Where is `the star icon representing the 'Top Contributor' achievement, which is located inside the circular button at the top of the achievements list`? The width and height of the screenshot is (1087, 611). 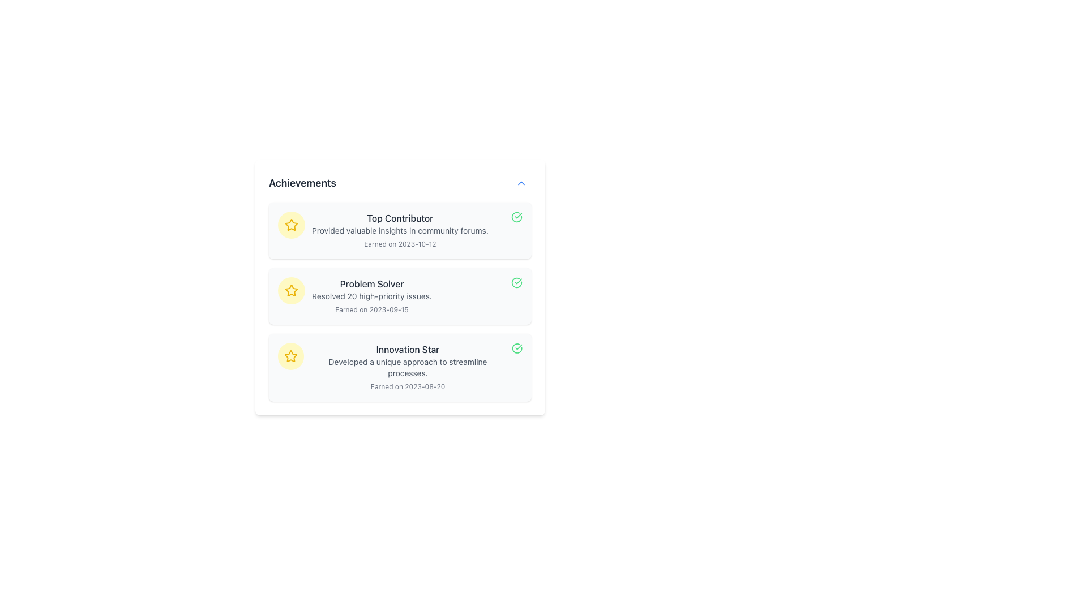 the star icon representing the 'Top Contributor' achievement, which is located inside the circular button at the top of the achievements list is located at coordinates (291, 225).